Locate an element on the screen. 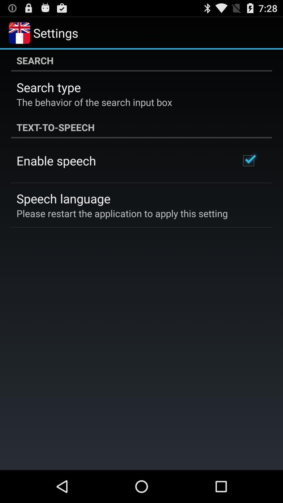 The height and width of the screenshot is (503, 283). icon below the behavior of icon is located at coordinates (141, 127).